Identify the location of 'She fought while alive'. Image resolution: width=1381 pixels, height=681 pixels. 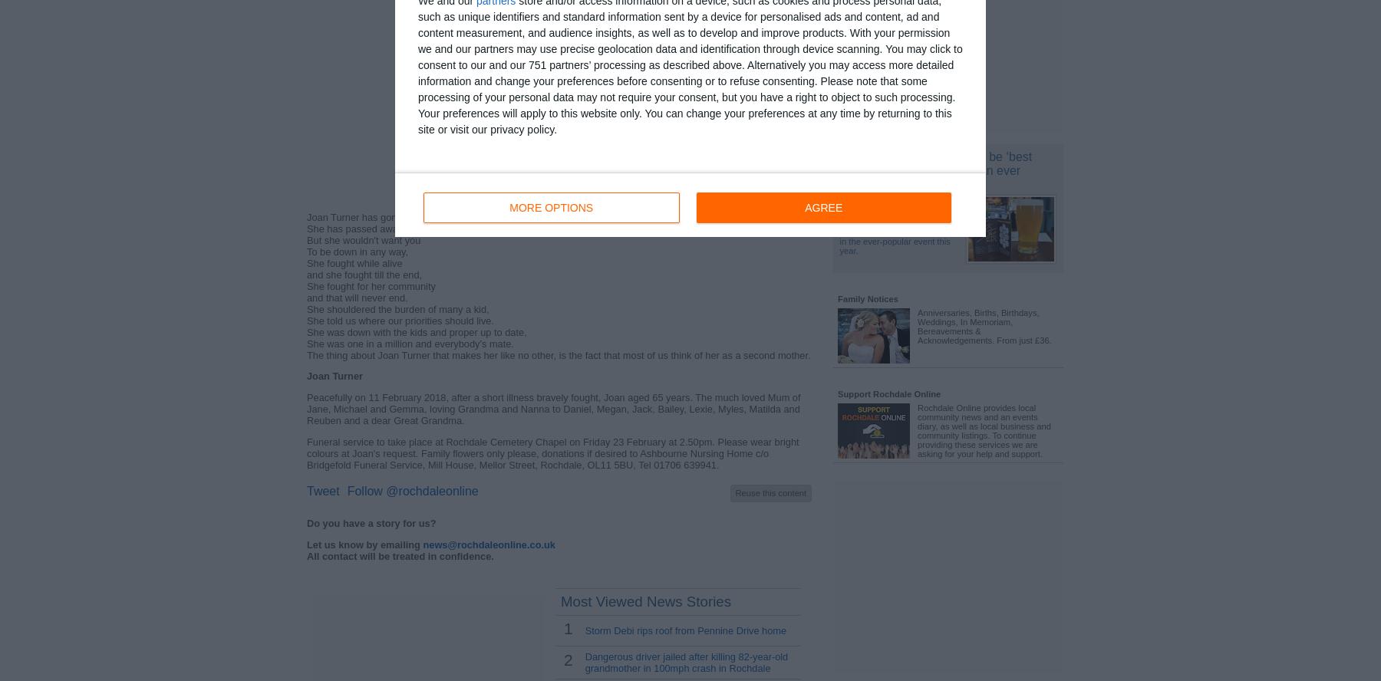
(354, 262).